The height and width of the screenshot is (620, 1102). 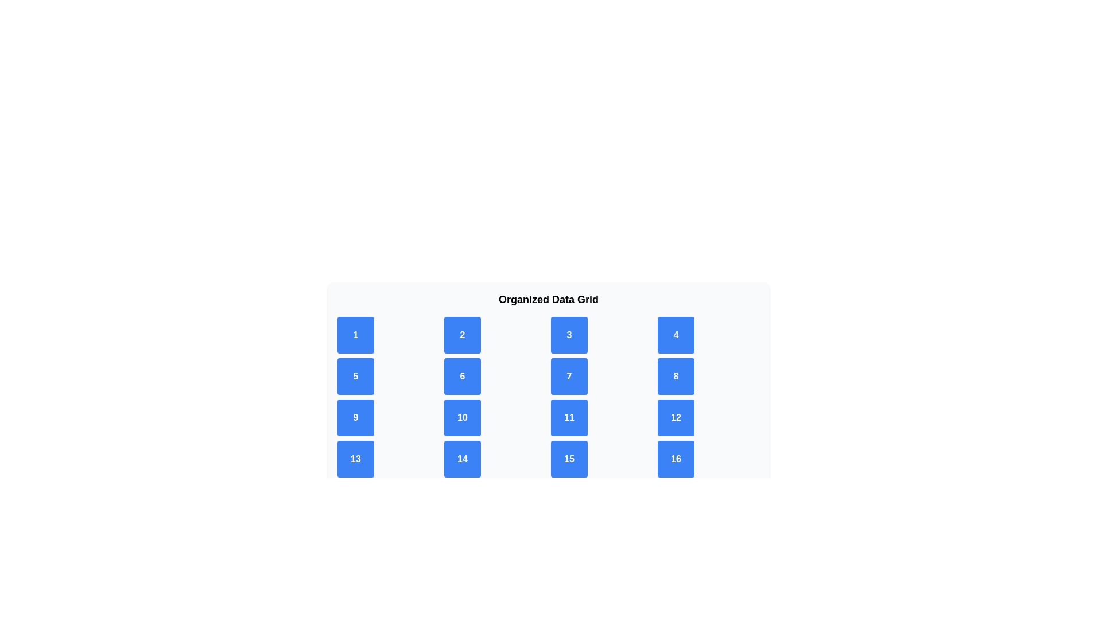 I want to click on the button located in the second row and fourth column of a 4x4 grid, positioned below the button labeled '4' and above the button labeled '12', so click(x=676, y=376).